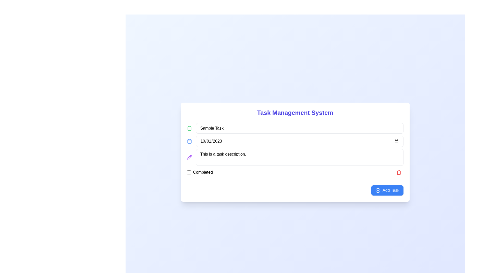 This screenshot has width=490, height=275. Describe the element at coordinates (390, 190) in the screenshot. I see `the text label of the 'Add Task' button located in the bottom-right corner of the task management interface to observe any visual feedback` at that location.